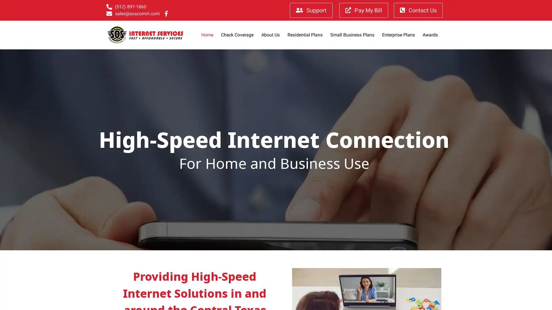 This screenshot has height=310, width=552. What do you see at coordinates (311, 10) in the screenshot?
I see `Support` at bounding box center [311, 10].